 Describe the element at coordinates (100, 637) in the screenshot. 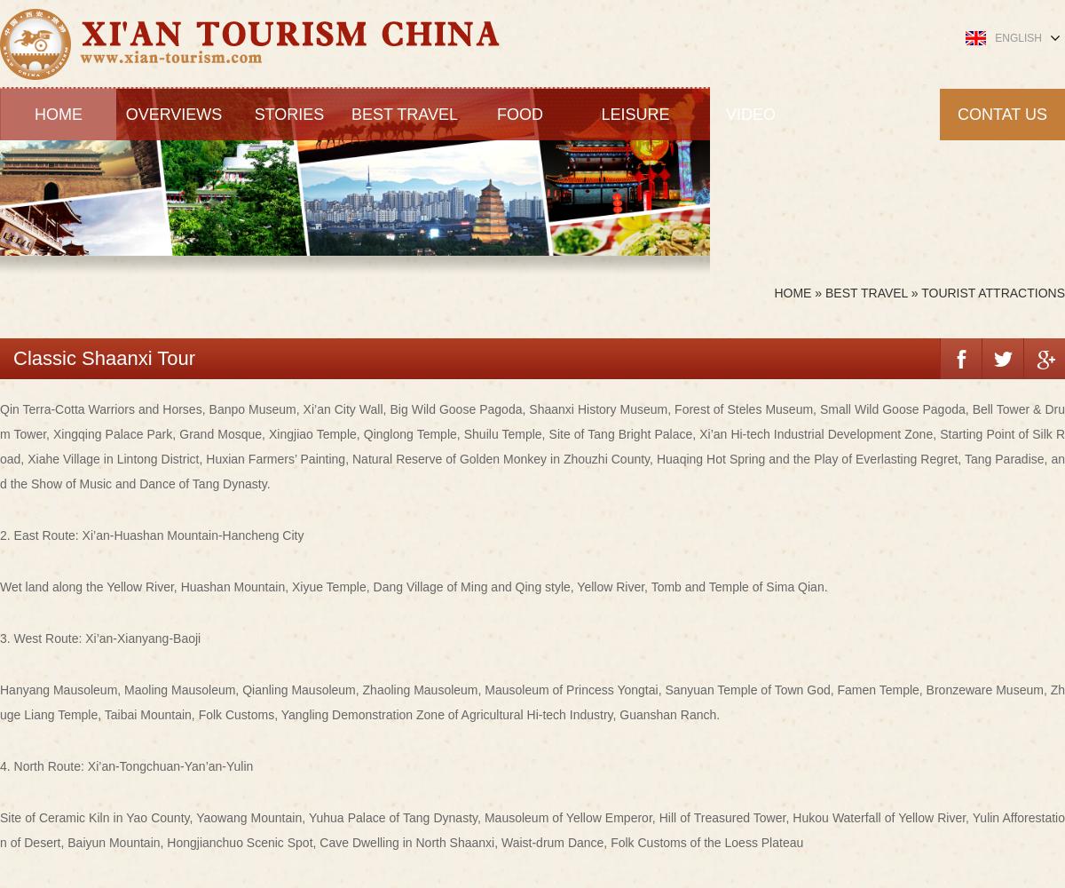

I see `'3. West Route: Xi’an-Xianyang-Baoji'` at that location.